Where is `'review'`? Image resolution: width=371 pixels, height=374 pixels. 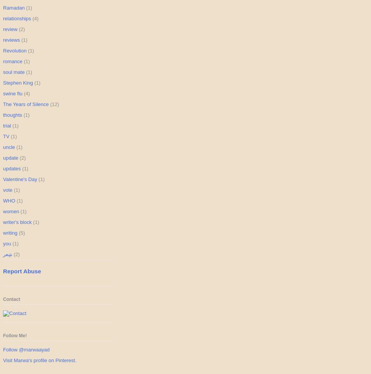
'review' is located at coordinates (10, 29).